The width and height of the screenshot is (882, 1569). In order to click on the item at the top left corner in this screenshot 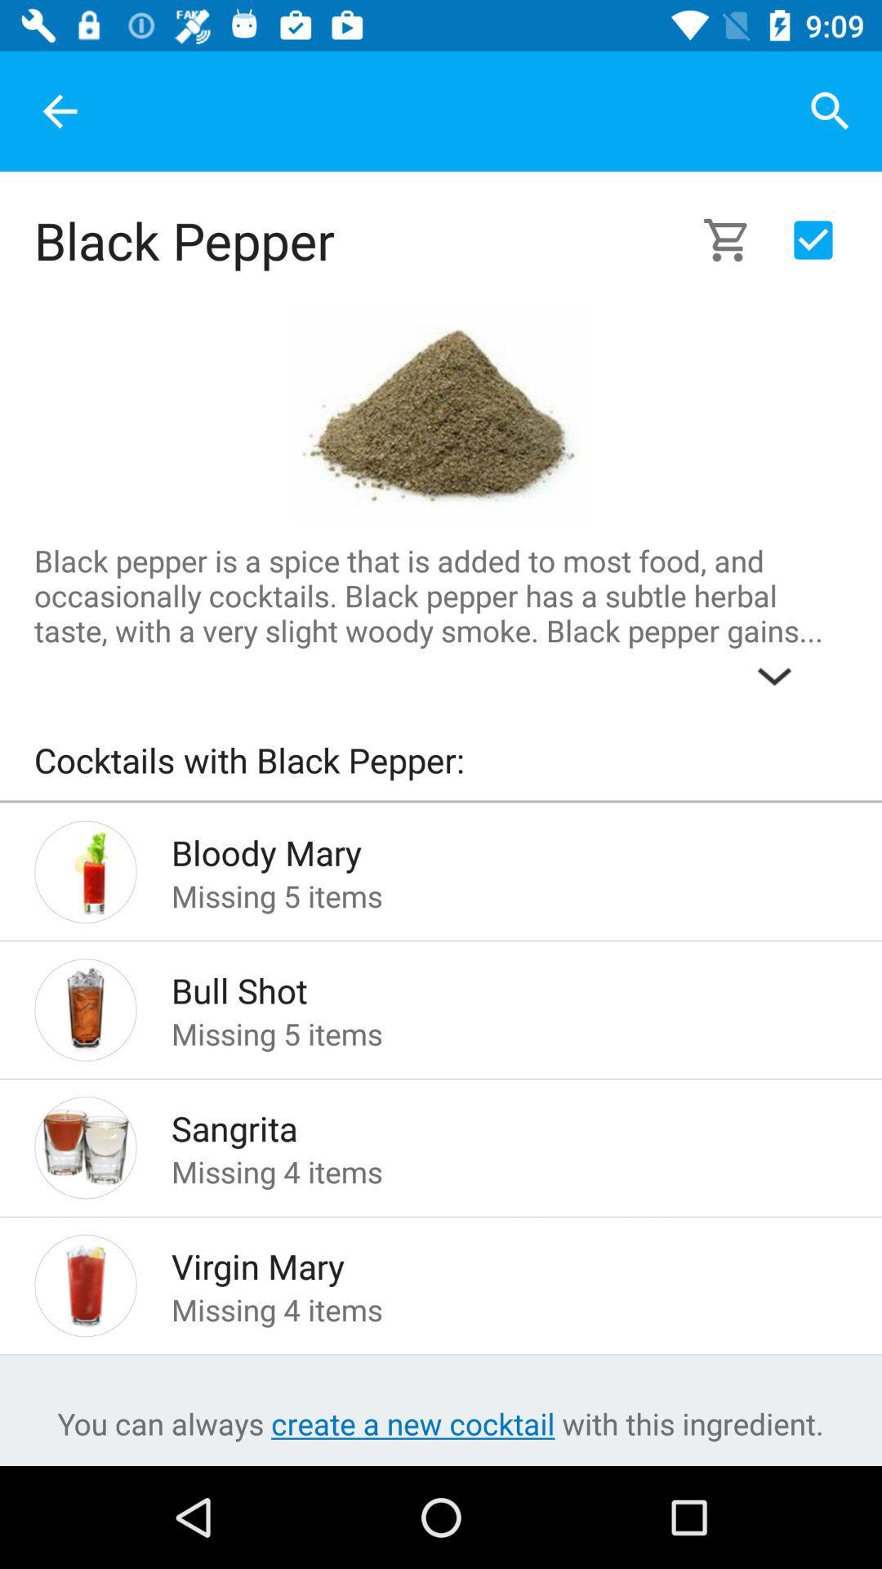, I will do `click(59, 110)`.